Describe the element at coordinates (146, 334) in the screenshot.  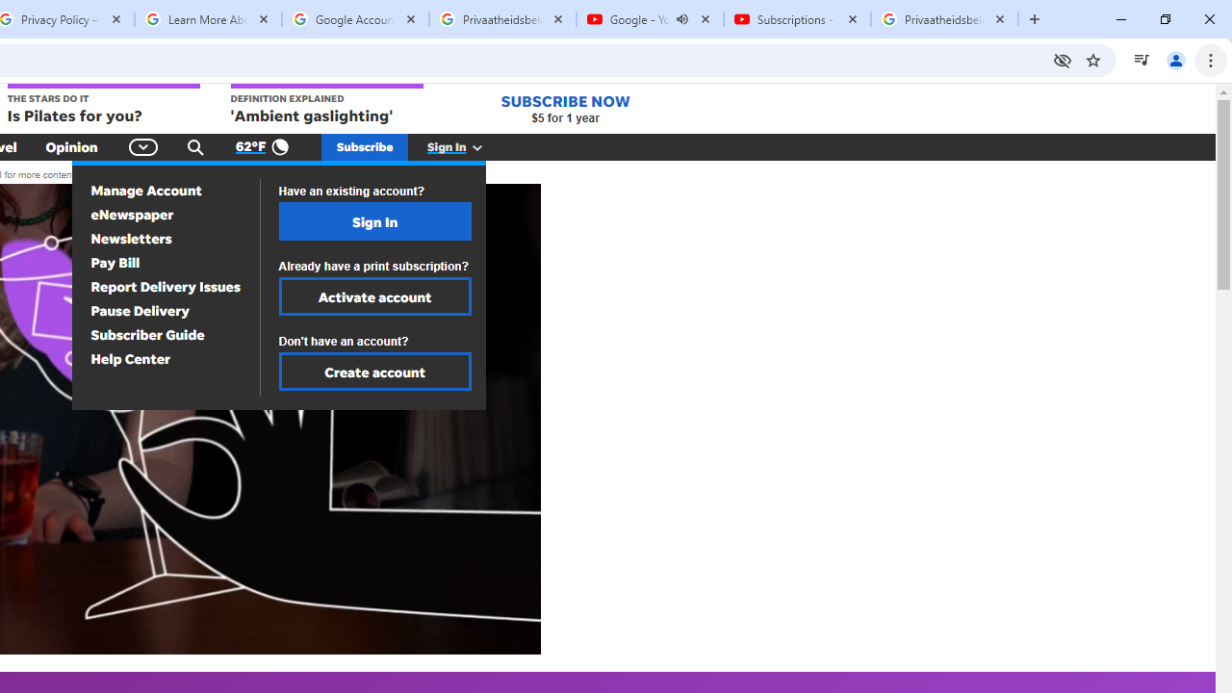
I see `'Subscriber Guide'` at that location.